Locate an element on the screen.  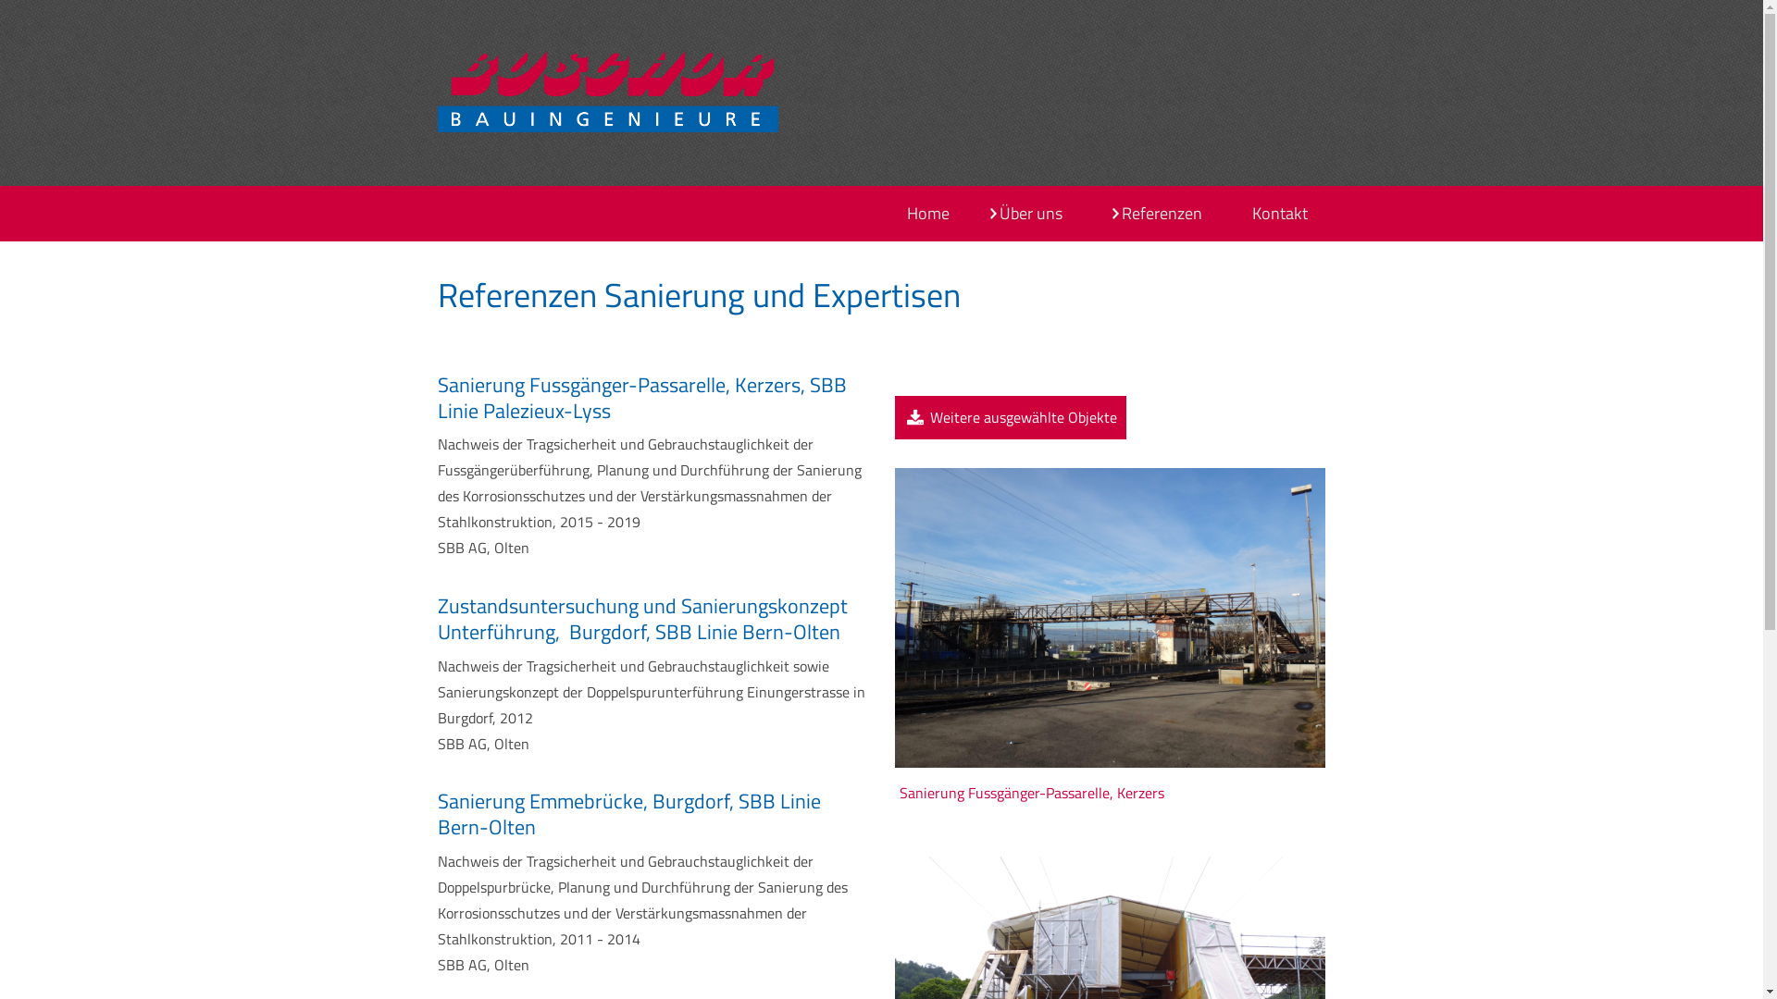
'Kontakt' is located at coordinates (1278, 213).